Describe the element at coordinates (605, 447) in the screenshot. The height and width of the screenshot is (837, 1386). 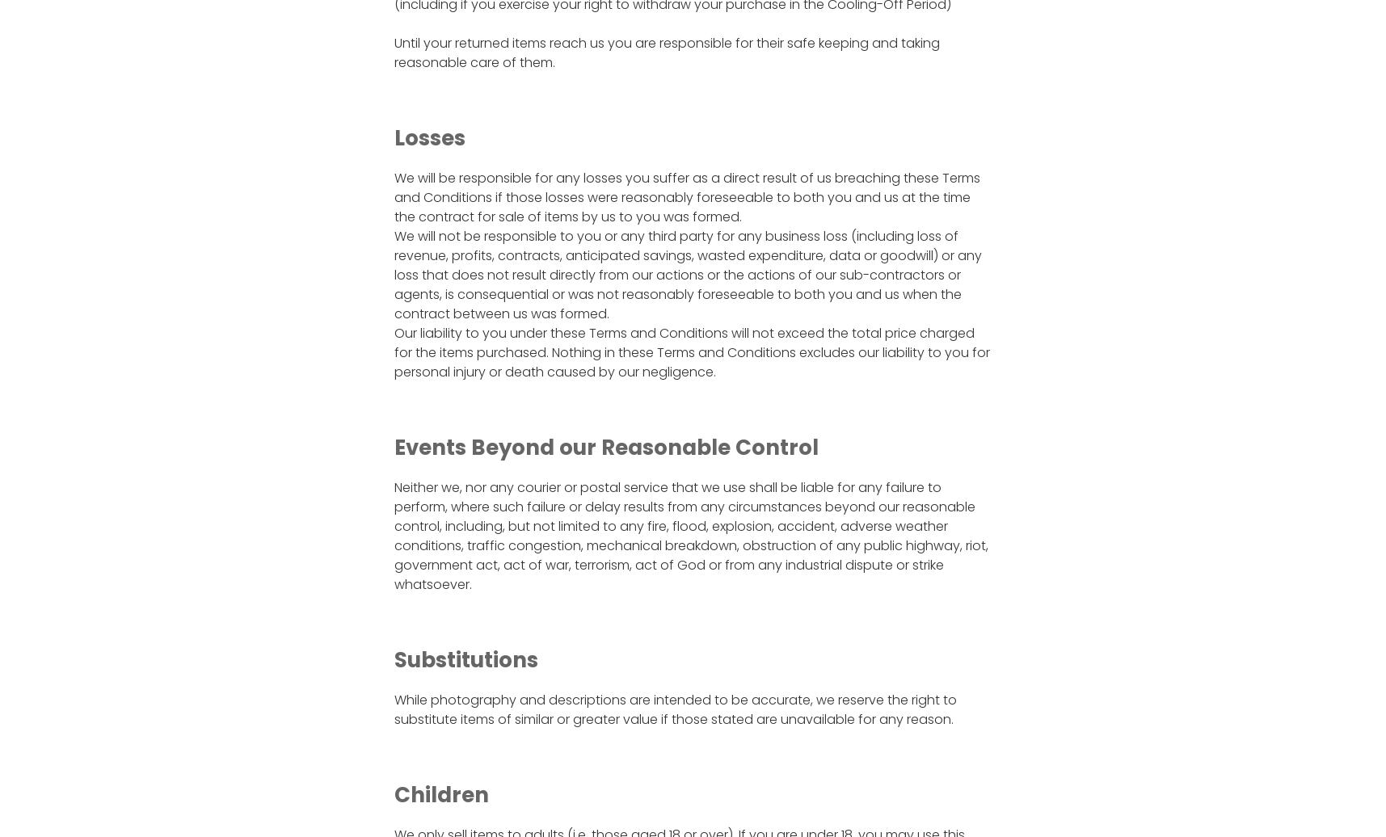
I see `'Events Beyond our Reasonable Control'` at that location.